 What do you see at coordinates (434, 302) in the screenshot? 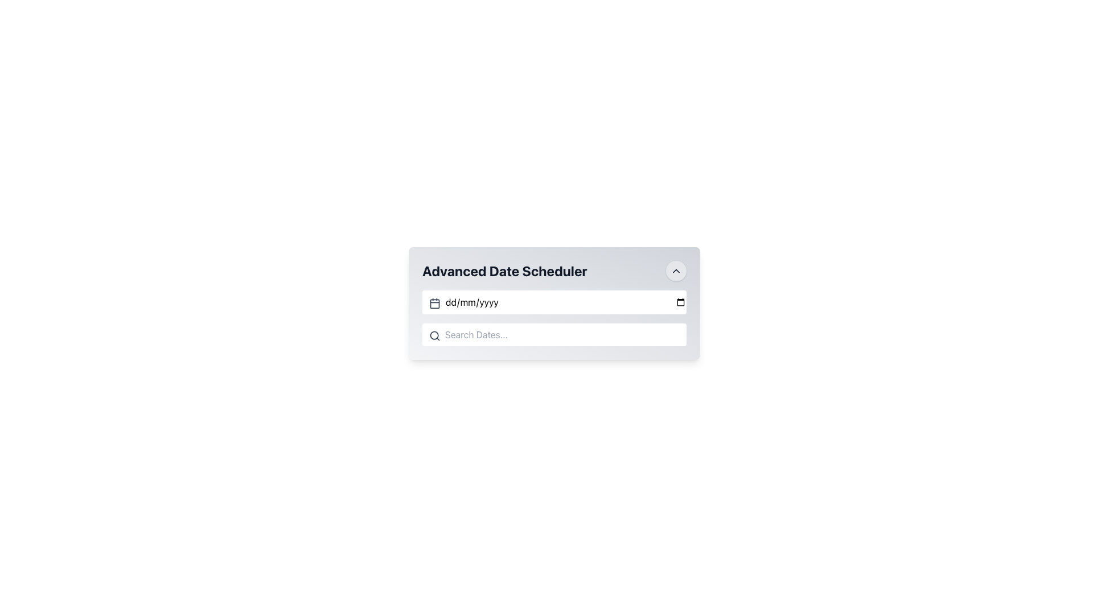
I see `the date picker icon located at the left margin of the input field` at bounding box center [434, 302].